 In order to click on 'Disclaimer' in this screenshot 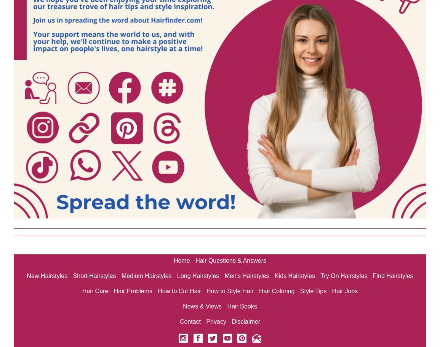, I will do `click(246, 321)`.